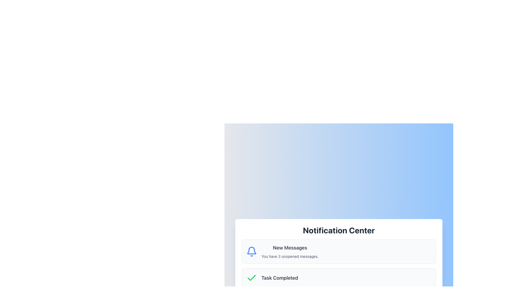  What do you see at coordinates (290, 248) in the screenshot?
I see `the text label displaying 'New Messages', which is styled in a large, bold gray font and located prominently at the top-left section of the notification card` at bounding box center [290, 248].